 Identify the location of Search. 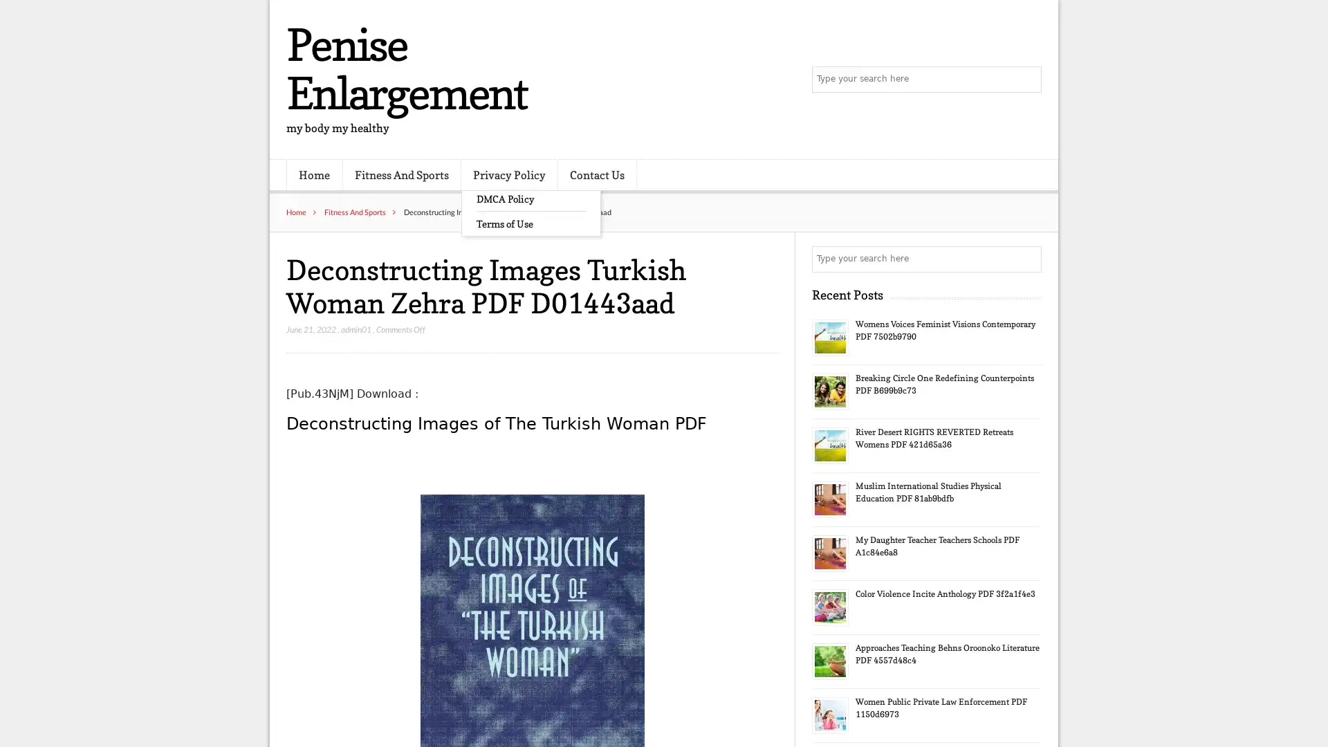
(1027, 80).